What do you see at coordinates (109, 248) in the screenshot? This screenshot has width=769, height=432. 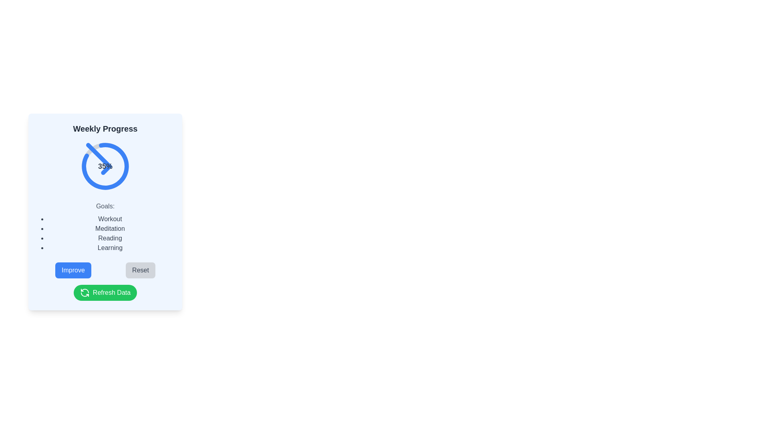 I see `the 'Learning' text label, which is the last item in the bulleted goals list` at bounding box center [109, 248].